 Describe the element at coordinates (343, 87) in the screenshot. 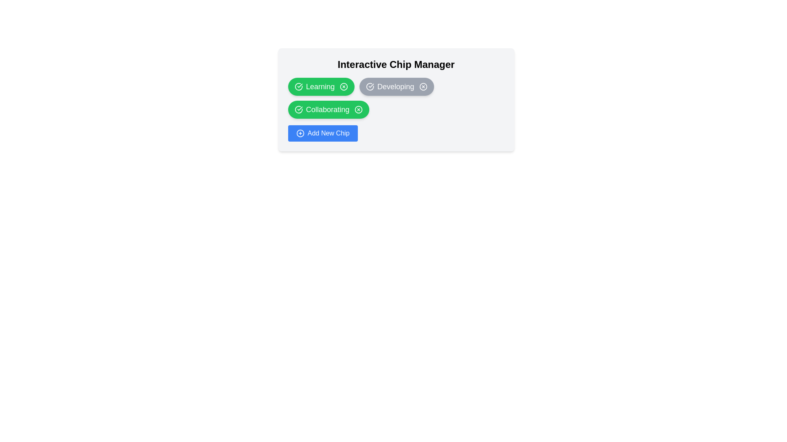

I see `the circular icon with a cross mark ('X') at the center of the green pill-shaped label that contains the text 'Learning'` at that location.